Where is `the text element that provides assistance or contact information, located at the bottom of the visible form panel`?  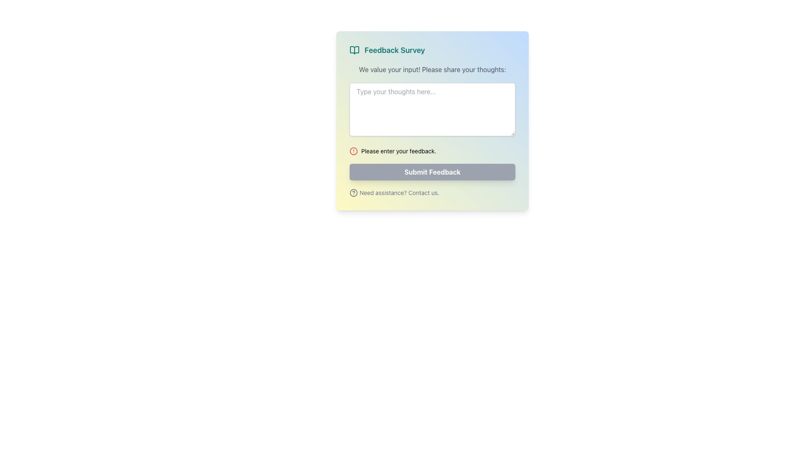
the text element that provides assistance or contact information, located at the bottom of the visible form panel is located at coordinates (399, 192).